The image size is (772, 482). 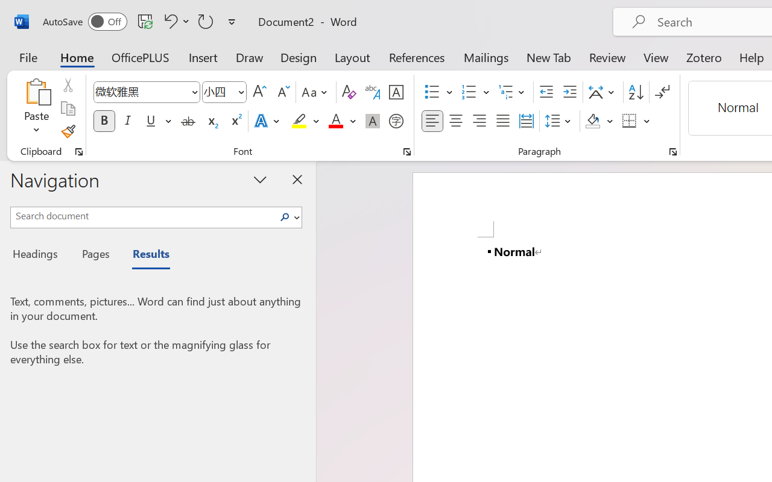 I want to click on 'Home', so click(x=77, y=57).